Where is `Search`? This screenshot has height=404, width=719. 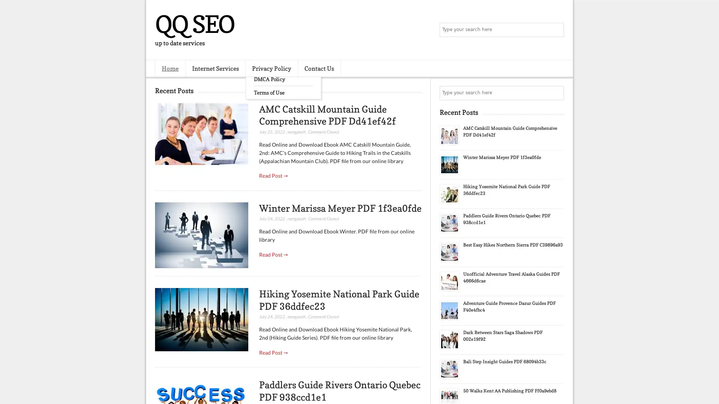
Search is located at coordinates (556, 93).